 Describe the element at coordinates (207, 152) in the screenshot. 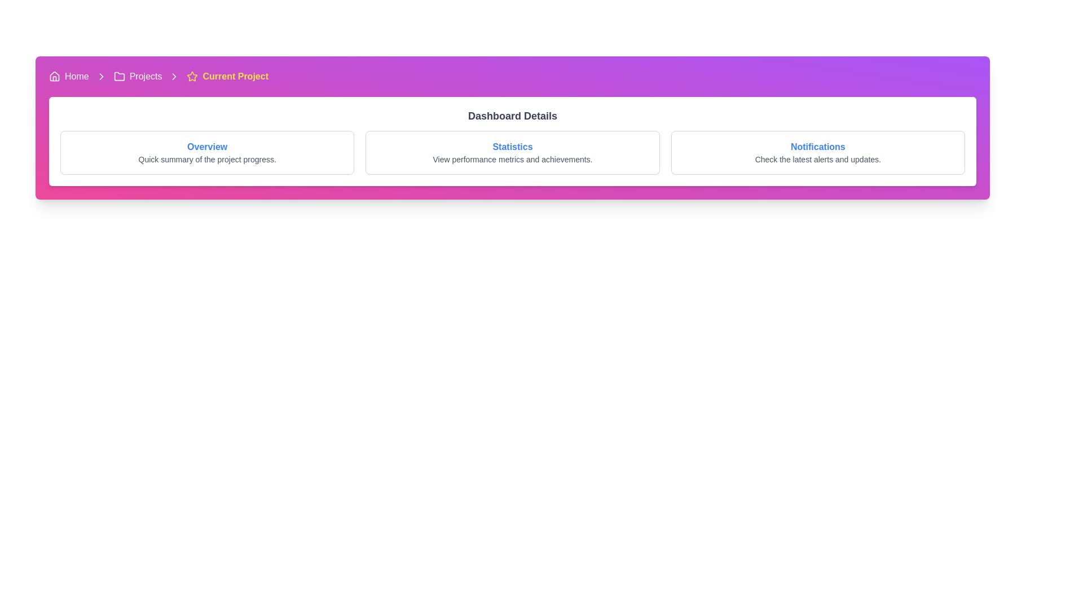

I see `the Informational card that provides a summary of the project's progress, located in the first column of a three-column grid layout, above the 'Quick summary of the project progress.' text` at that location.